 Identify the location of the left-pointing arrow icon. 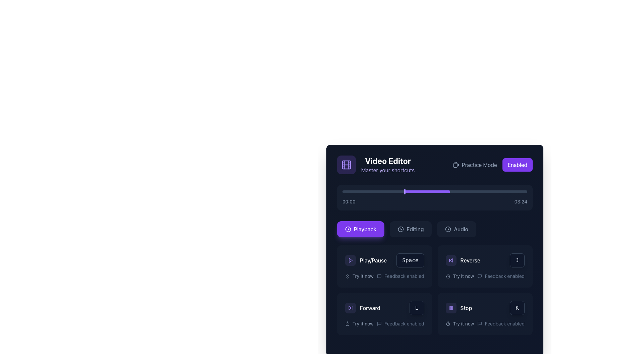
(451, 260).